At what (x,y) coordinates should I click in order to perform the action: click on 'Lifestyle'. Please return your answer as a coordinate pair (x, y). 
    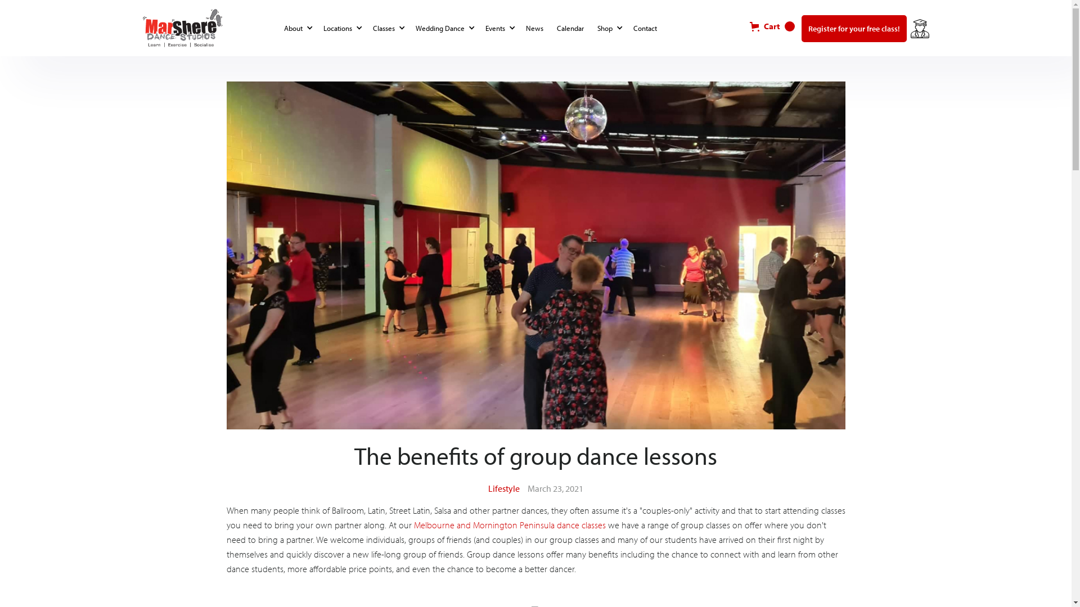
    Looking at the image, I should click on (488, 487).